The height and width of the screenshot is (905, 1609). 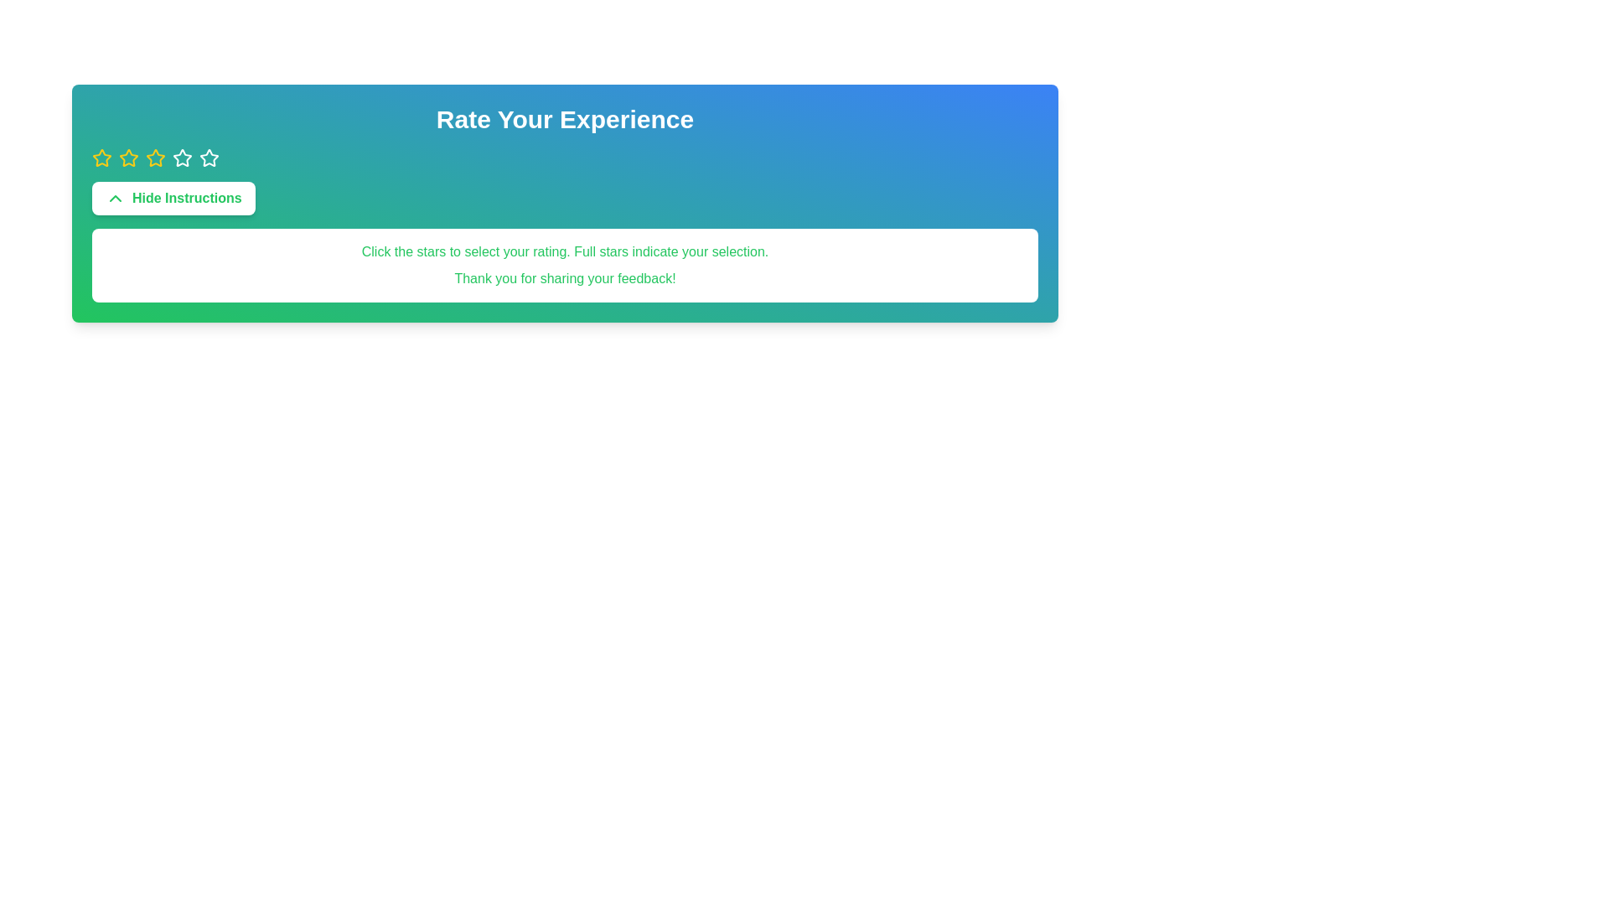 I want to click on the 'Hide Instructions' button, which is a rounded rectangle with a white background and bold green text, located in the 'Rate Your Experience' section, so click(x=173, y=197).